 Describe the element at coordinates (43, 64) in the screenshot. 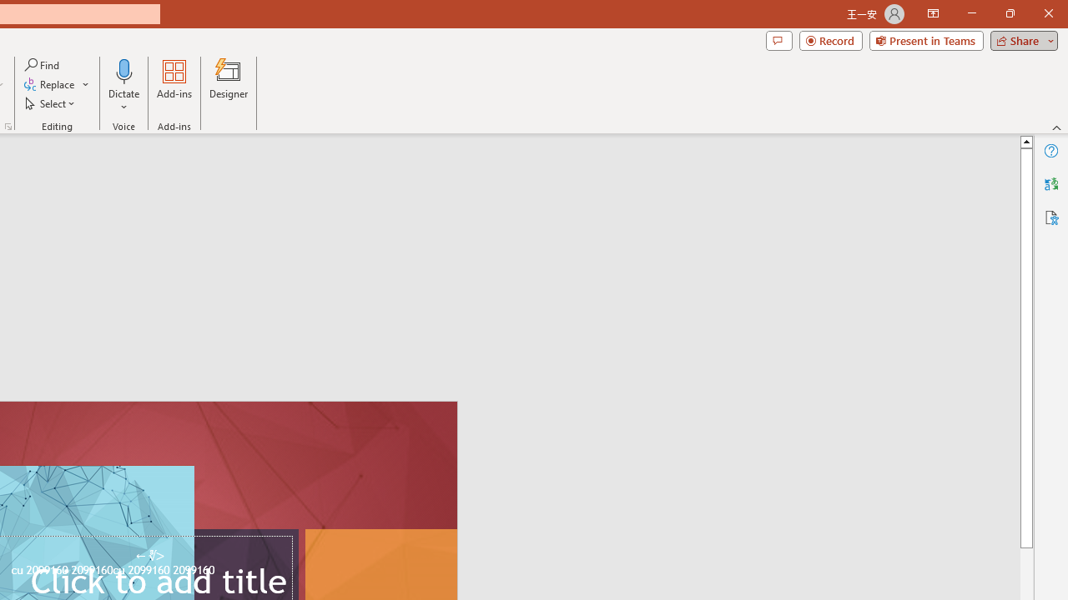

I see `'Find...'` at that location.